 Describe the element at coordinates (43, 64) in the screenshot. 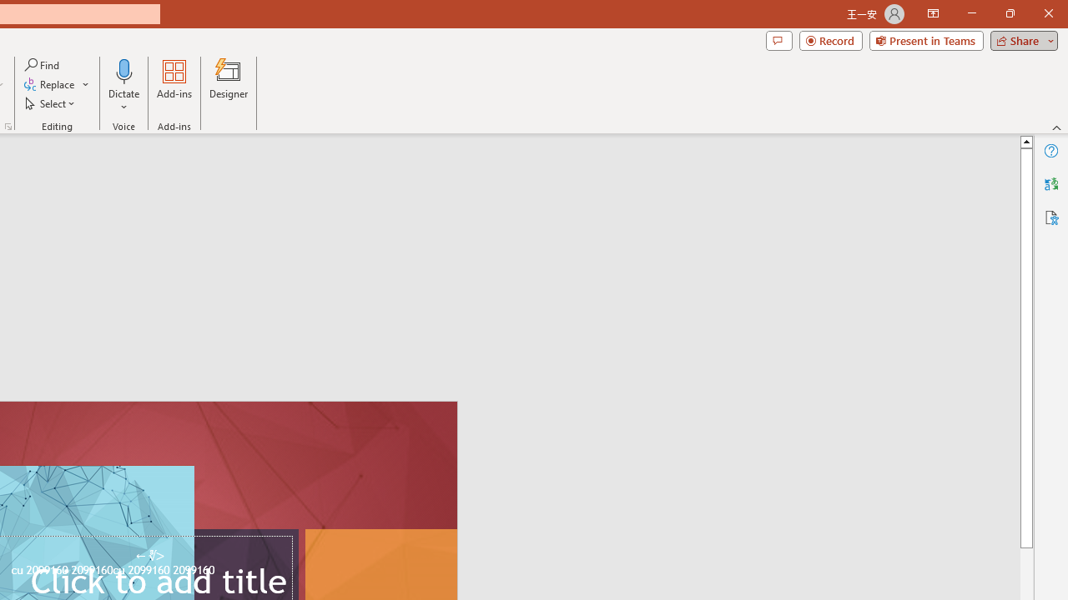

I see `'Find...'` at that location.